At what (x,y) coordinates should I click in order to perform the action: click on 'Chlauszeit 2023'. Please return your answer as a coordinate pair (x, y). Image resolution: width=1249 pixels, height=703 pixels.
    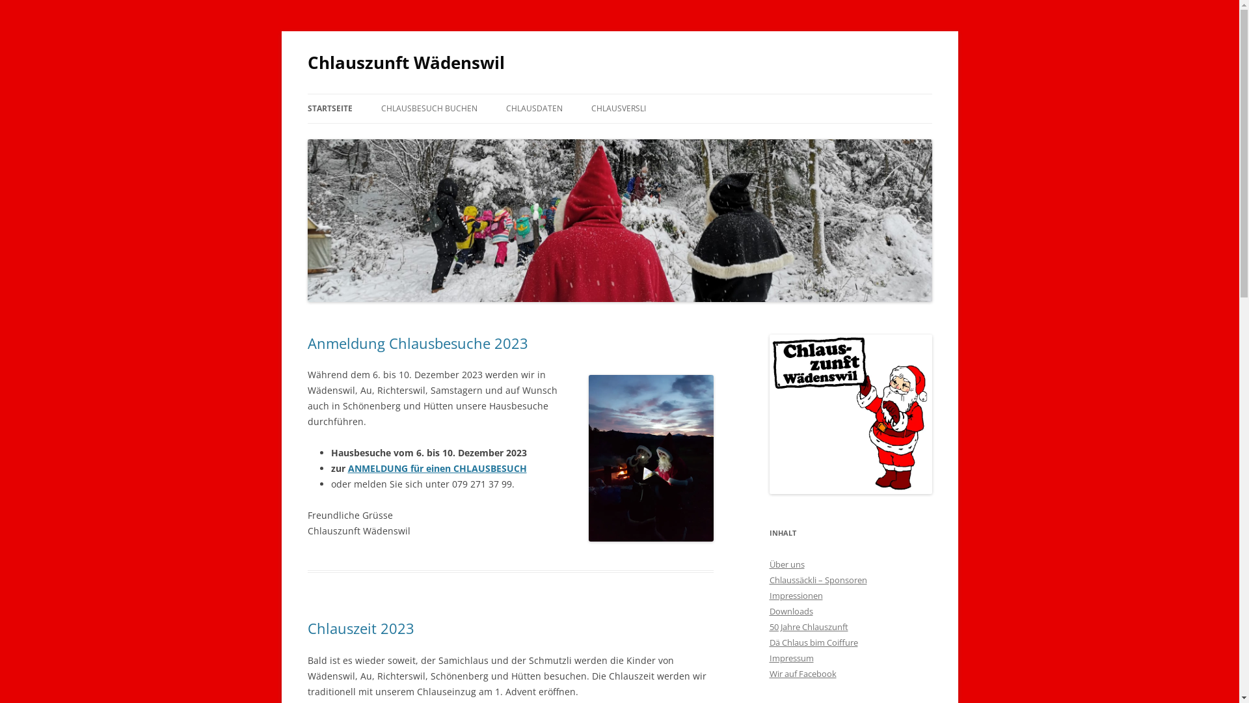
    Looking at the image, I should click on (360, 627).